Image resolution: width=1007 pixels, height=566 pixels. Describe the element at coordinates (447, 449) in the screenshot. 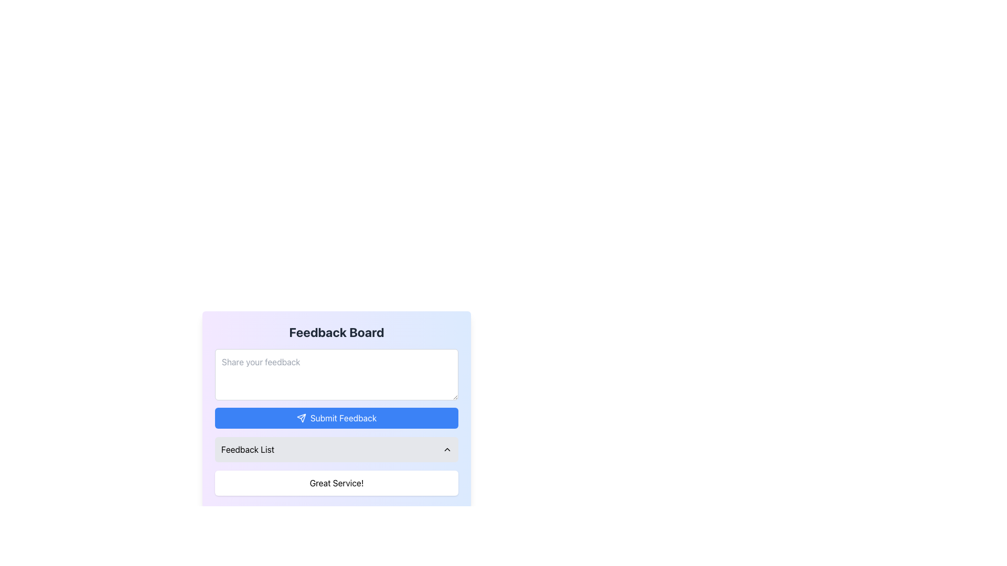

I see `the Chevron Icon located on the right-hand side of the 'Feedback List' section` at that location.